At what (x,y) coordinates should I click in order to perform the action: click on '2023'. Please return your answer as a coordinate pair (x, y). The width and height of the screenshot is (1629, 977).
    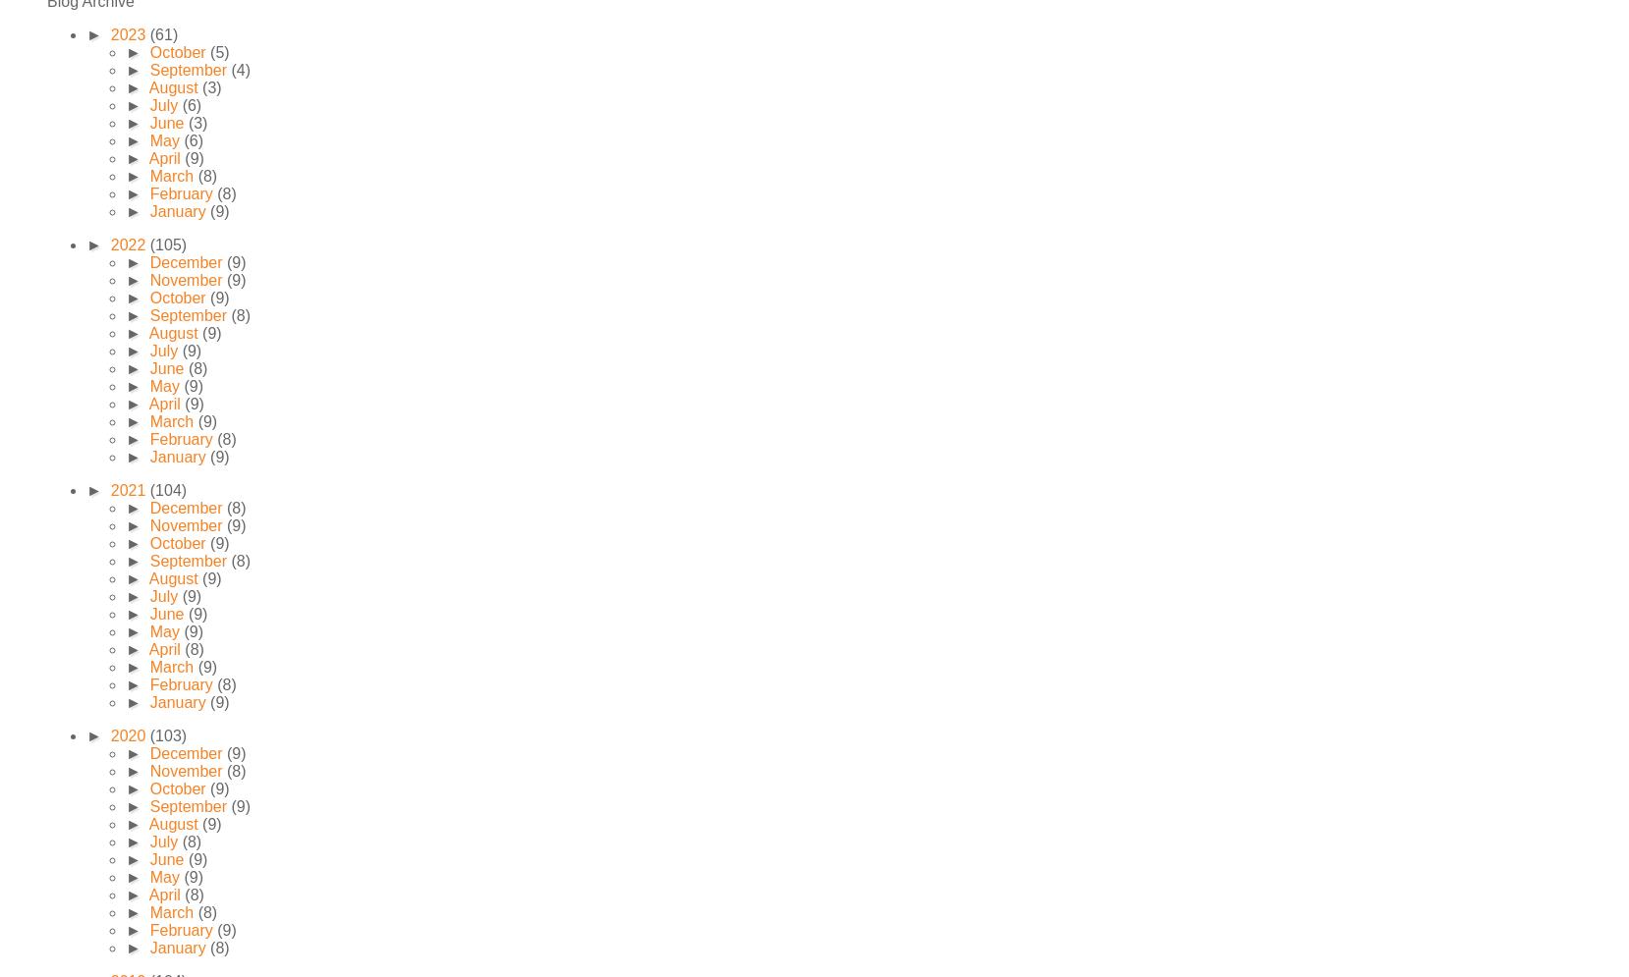
    Looking at the image, I should click on (128, 34).